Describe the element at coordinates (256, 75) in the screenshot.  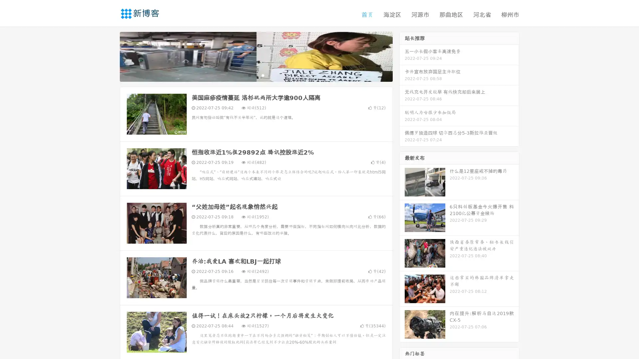
I see `Go to slide 2` at that location.